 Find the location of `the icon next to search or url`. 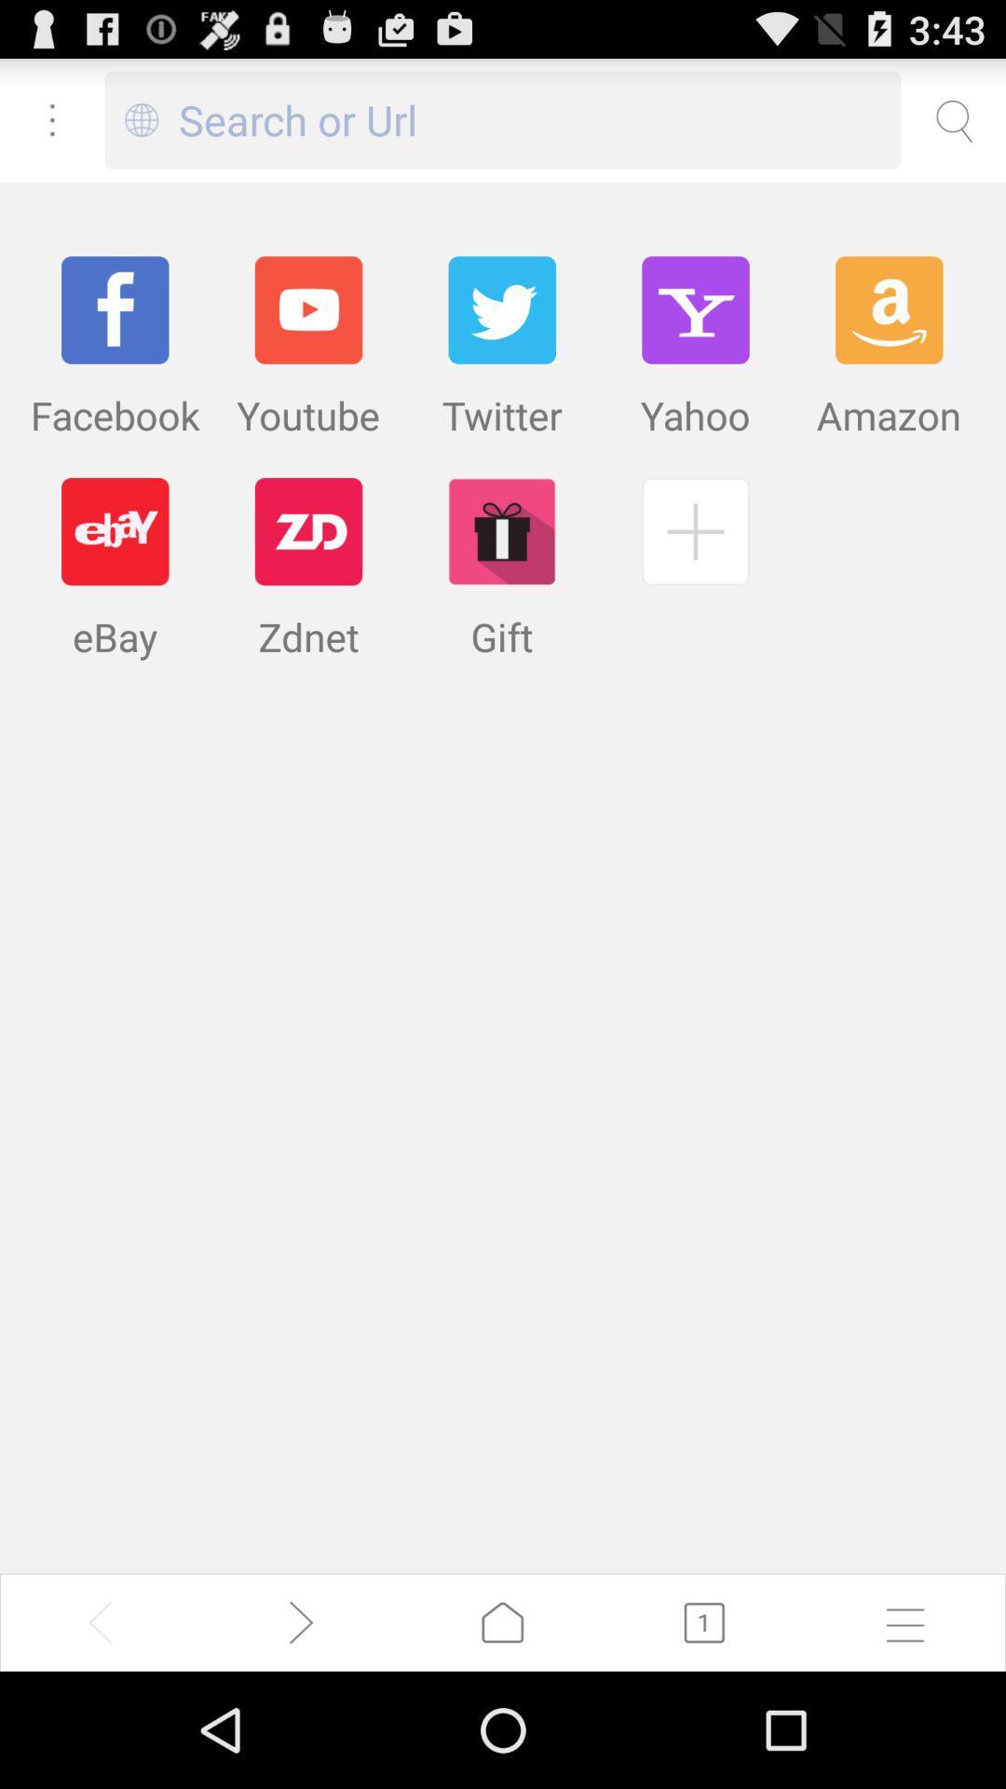

the icon next to search or url is located at coordinates (141, 119).